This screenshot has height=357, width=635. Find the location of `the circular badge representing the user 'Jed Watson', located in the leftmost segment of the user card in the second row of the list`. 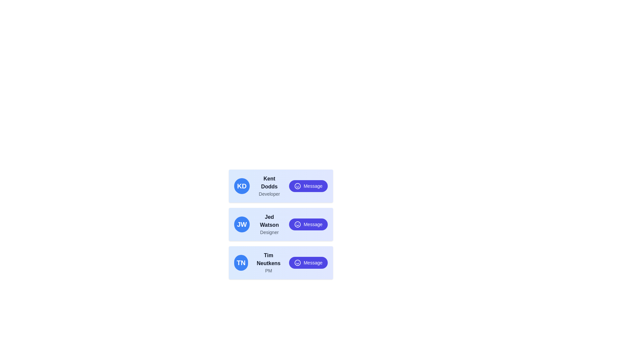

the circular badge representing the user 'Jed Watson', located in the leftmost segment of the user card in the second row of the list is located at coordinates (241, 224).